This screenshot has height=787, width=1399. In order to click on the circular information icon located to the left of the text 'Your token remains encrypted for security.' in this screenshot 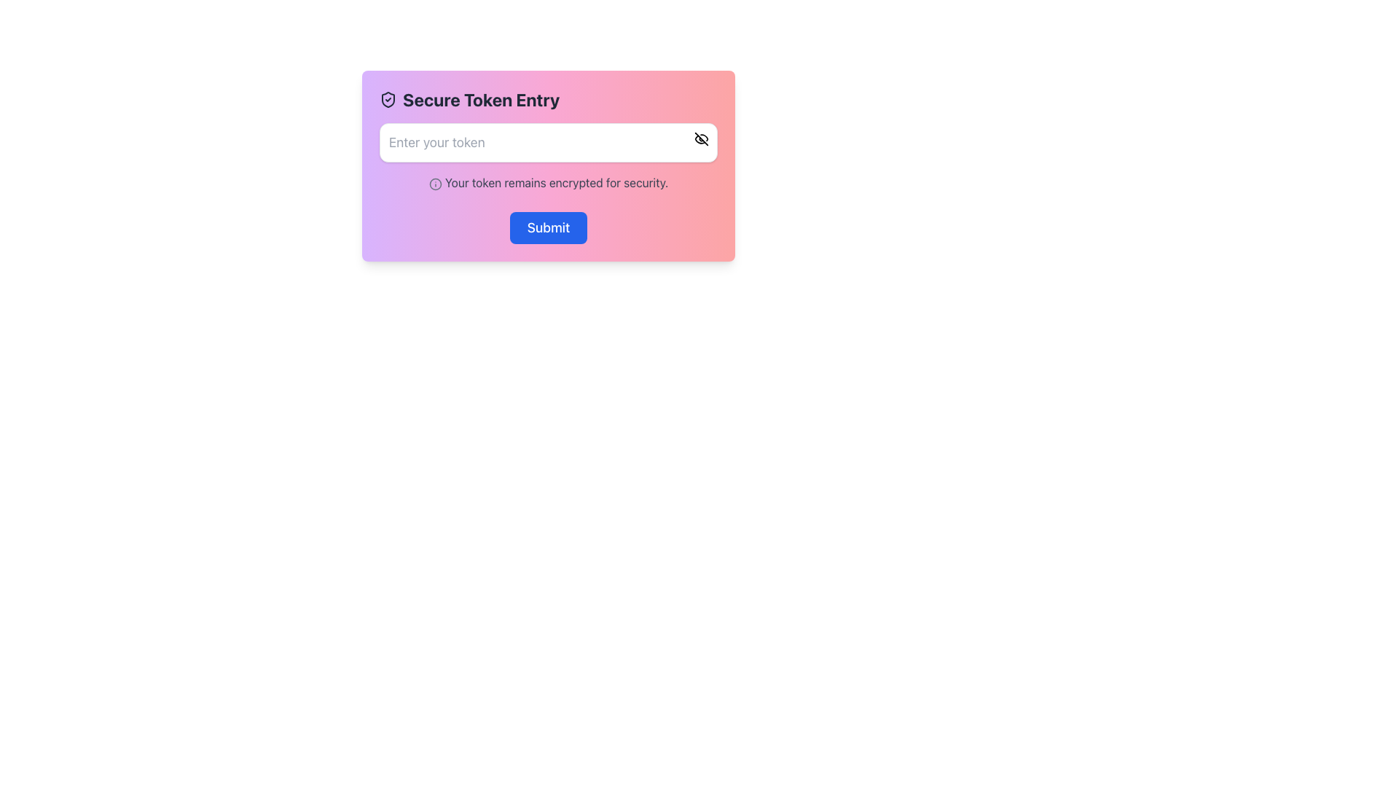, I will do `click(434, 183)`.